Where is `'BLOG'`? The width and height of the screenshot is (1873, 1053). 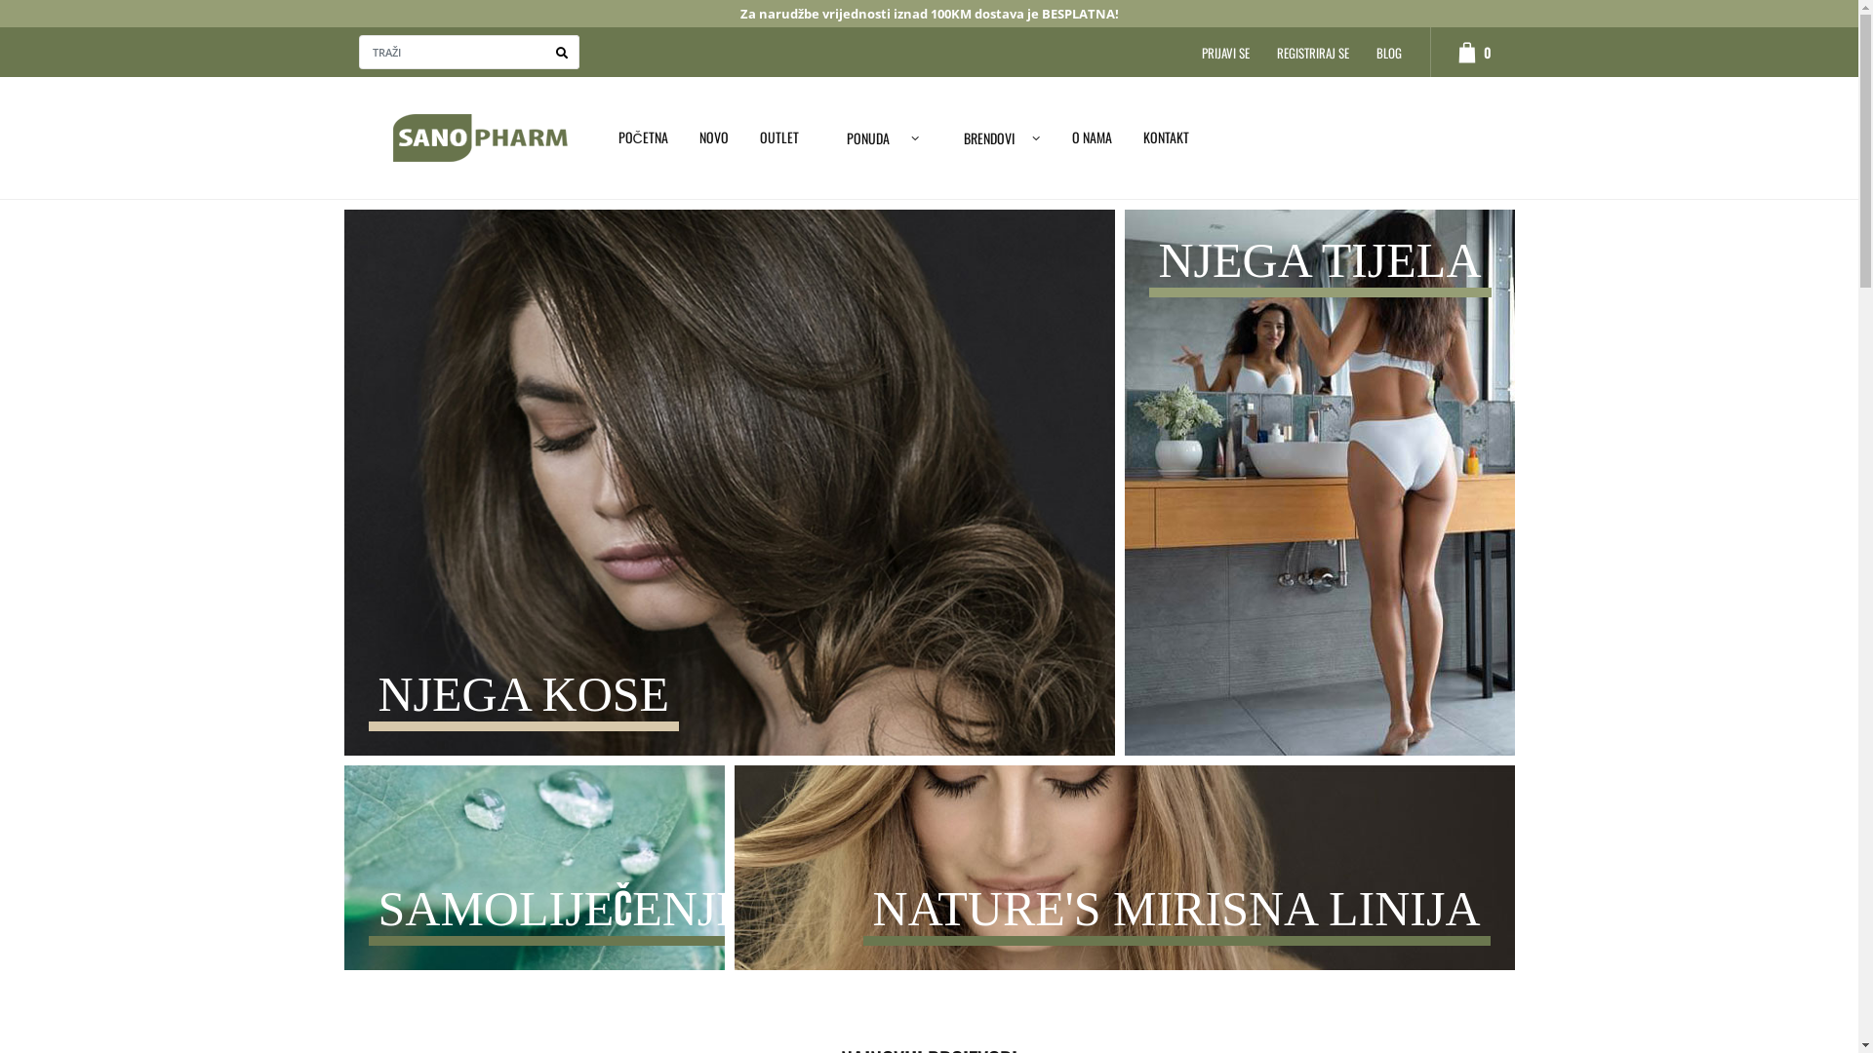
'BLOG' is located at coordinates (1388, 52).